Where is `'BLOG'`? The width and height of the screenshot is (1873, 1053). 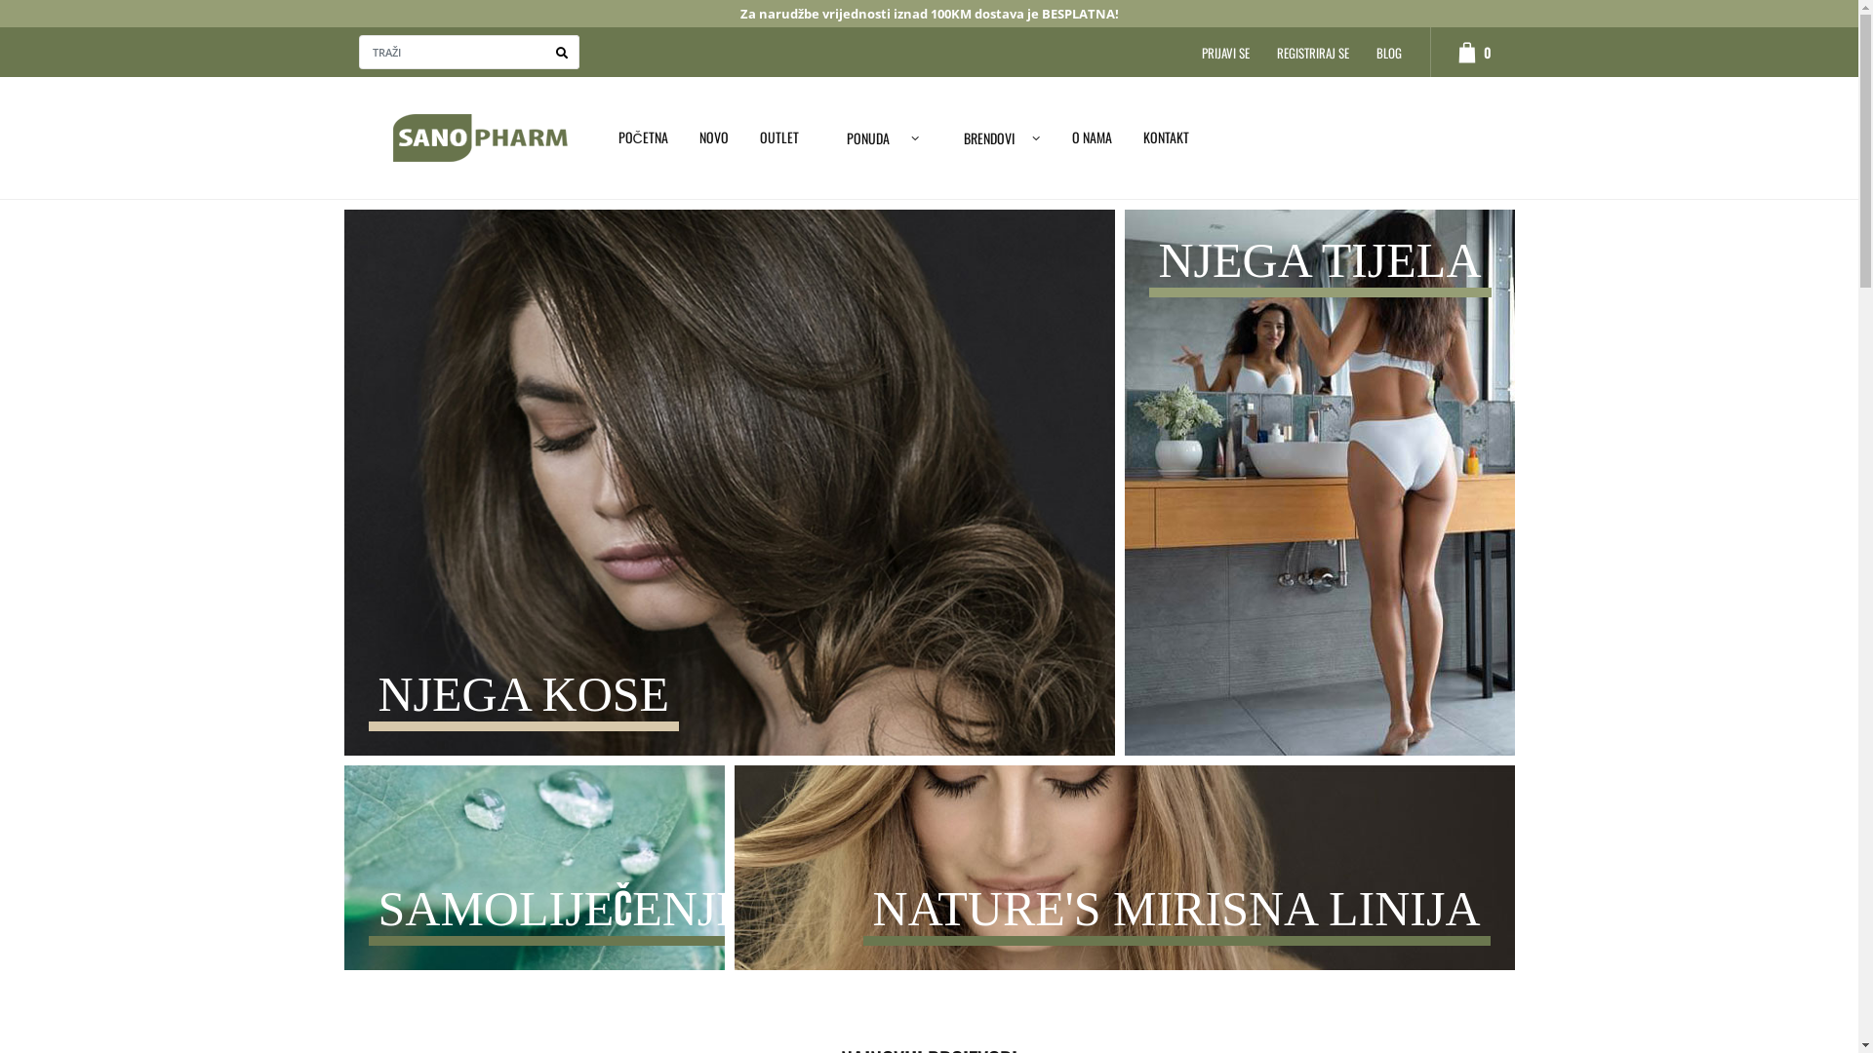
'BLOG' is located at coordinates (1388, 52).